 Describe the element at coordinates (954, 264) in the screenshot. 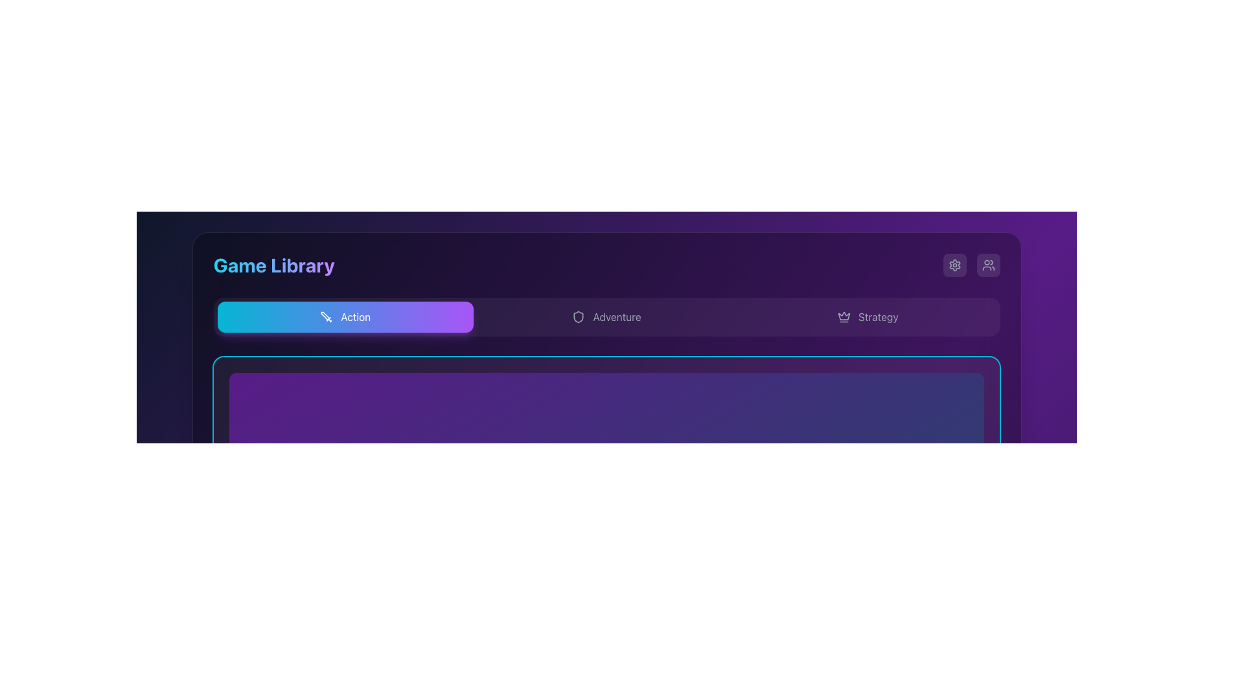

I see `the gear-shaped icon representing settings in the top-right section of the toolbar` at that location.